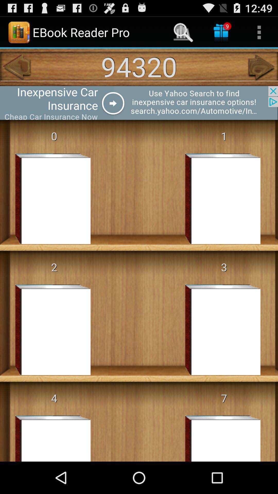 Image resolution: width=278 pixels, height=494 pixels. What do you see at coordinates (139, 103) in the screenshot?
I see `icon above 0 icon` at bounding box center [139, 103].